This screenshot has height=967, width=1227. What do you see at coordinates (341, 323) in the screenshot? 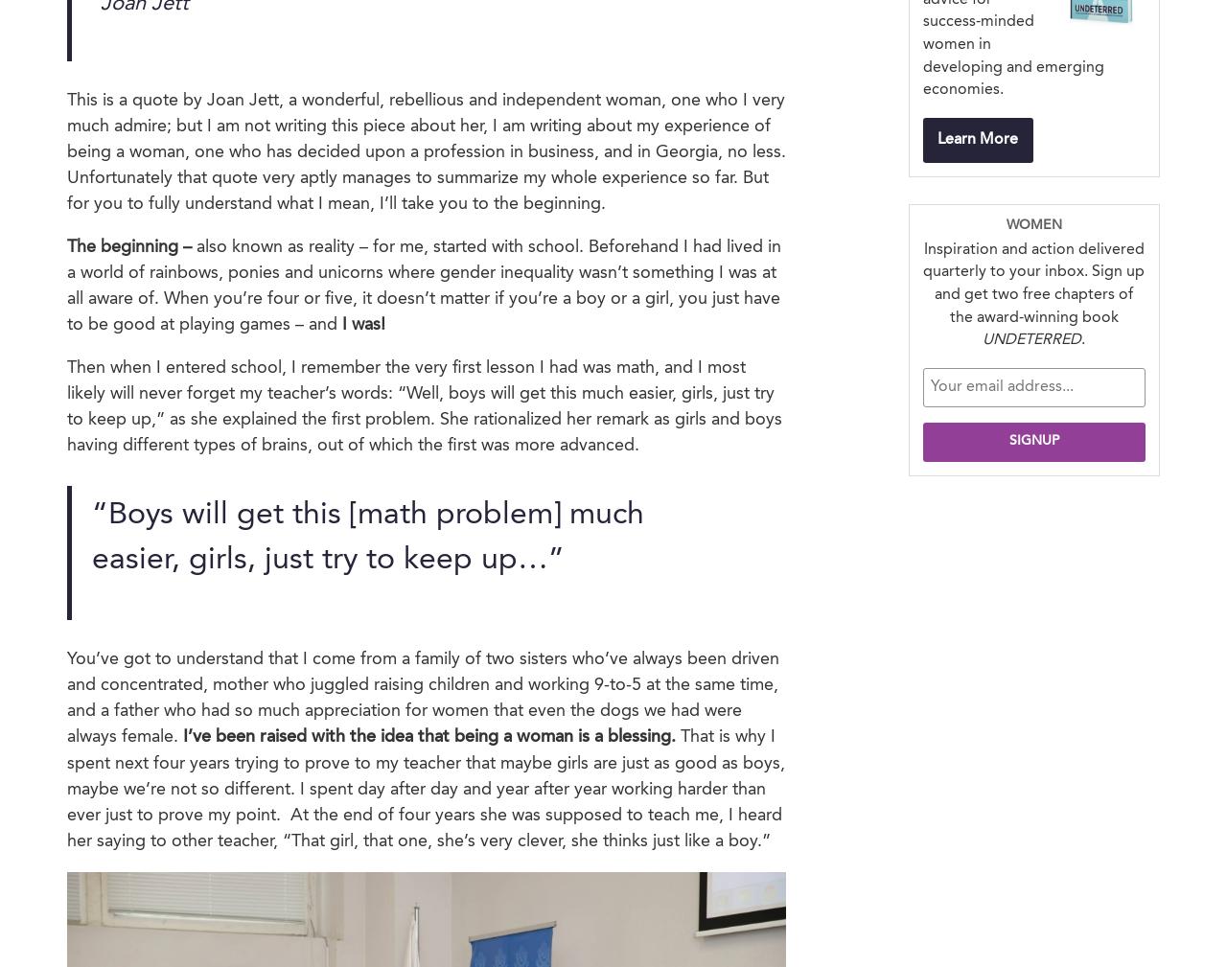
I see `'I was!'` at bounding box center [341, 323].